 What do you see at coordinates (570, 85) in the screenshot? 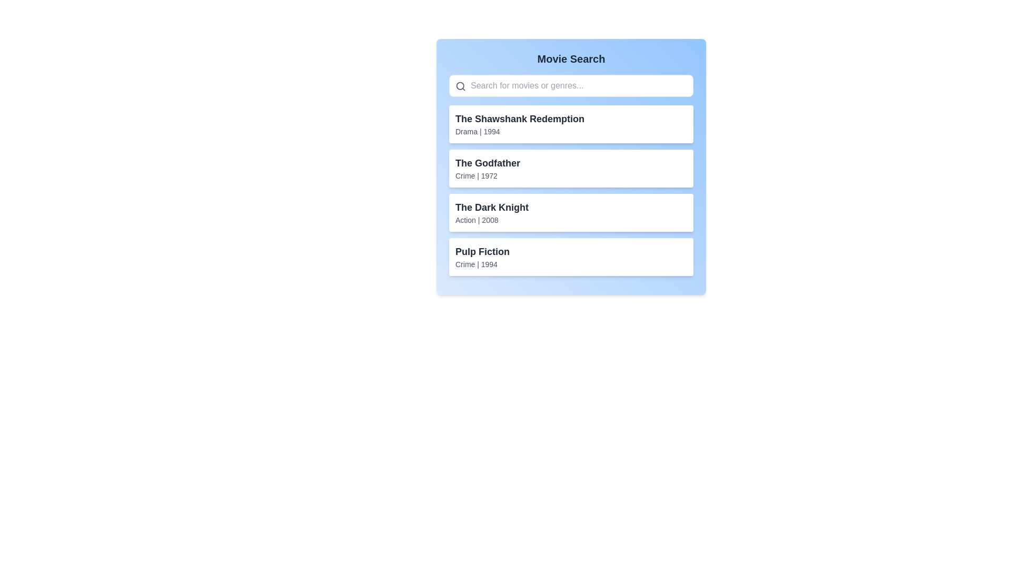
I see `the text input field for movie search located below the title 'Movie Search', which has a light background and a search icon on the left` at bounding box center [570, 85].